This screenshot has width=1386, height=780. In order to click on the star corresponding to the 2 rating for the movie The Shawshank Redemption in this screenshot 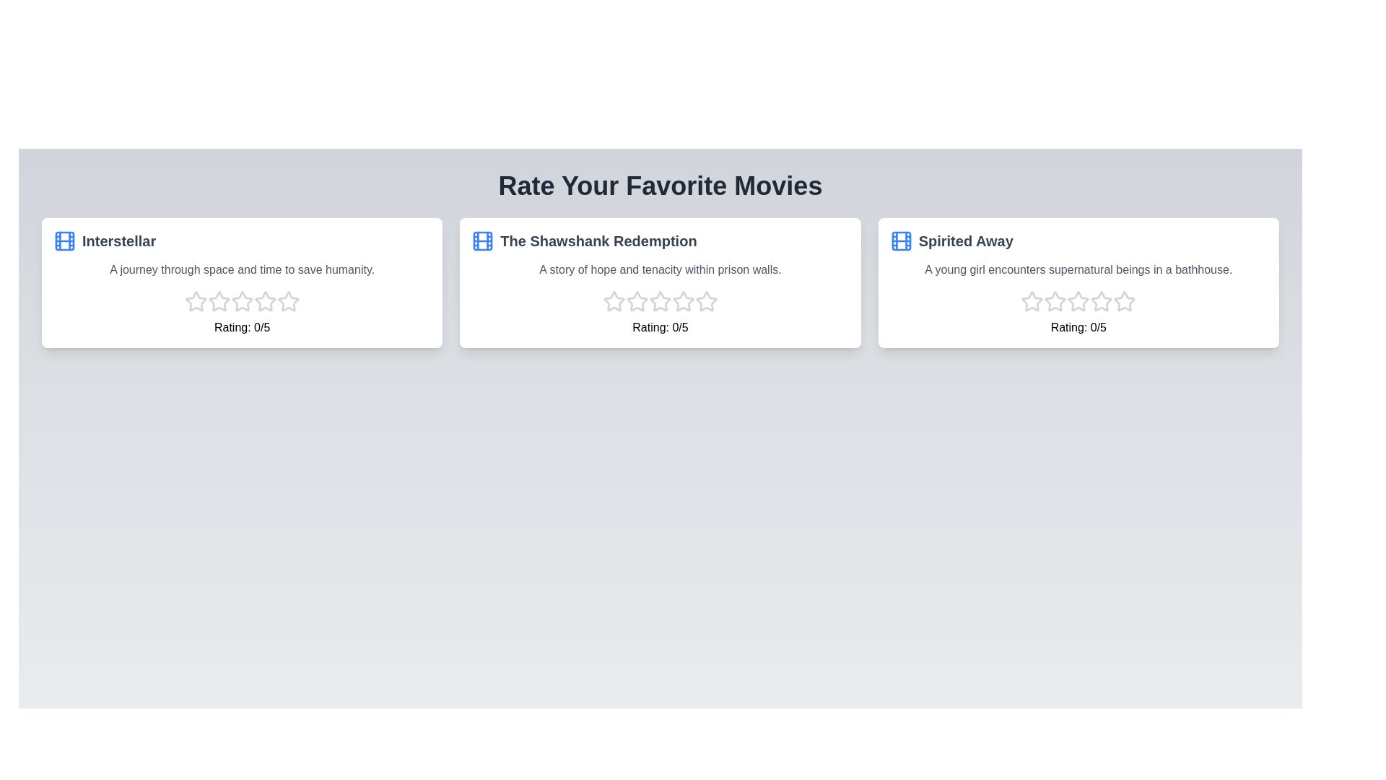, I will do `click(637, 300)`.